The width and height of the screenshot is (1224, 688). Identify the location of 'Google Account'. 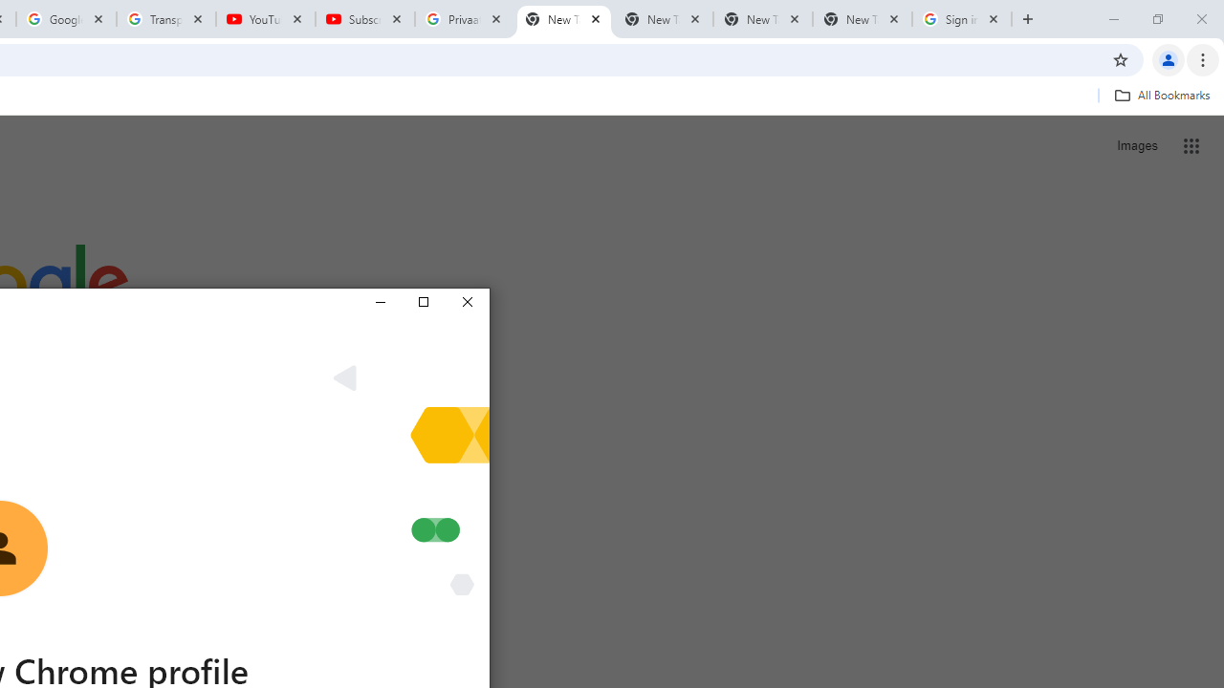
(66, 19).